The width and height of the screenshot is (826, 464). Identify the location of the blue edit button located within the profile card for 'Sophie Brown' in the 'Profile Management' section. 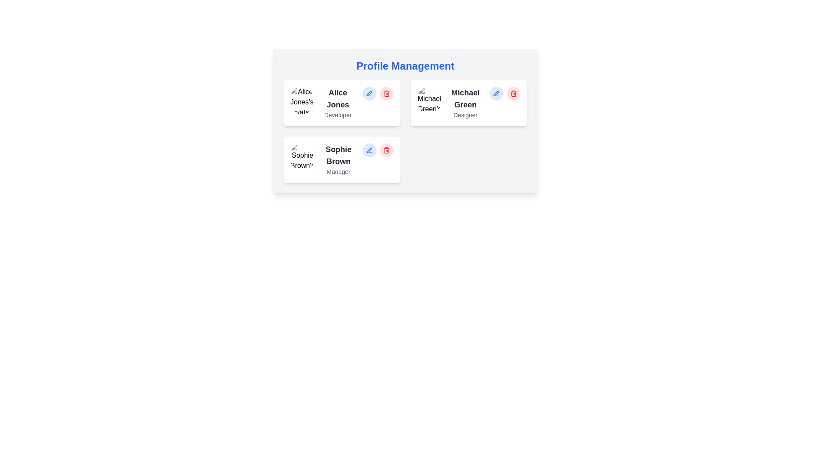
(378, 150).